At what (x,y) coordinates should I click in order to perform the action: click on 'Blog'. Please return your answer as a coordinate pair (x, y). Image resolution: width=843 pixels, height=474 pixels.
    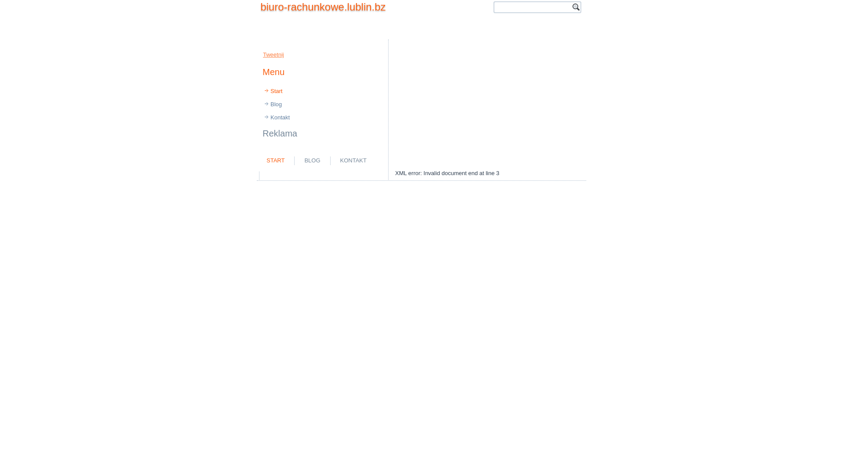
    Looking at the image, I should click on (258, 104).